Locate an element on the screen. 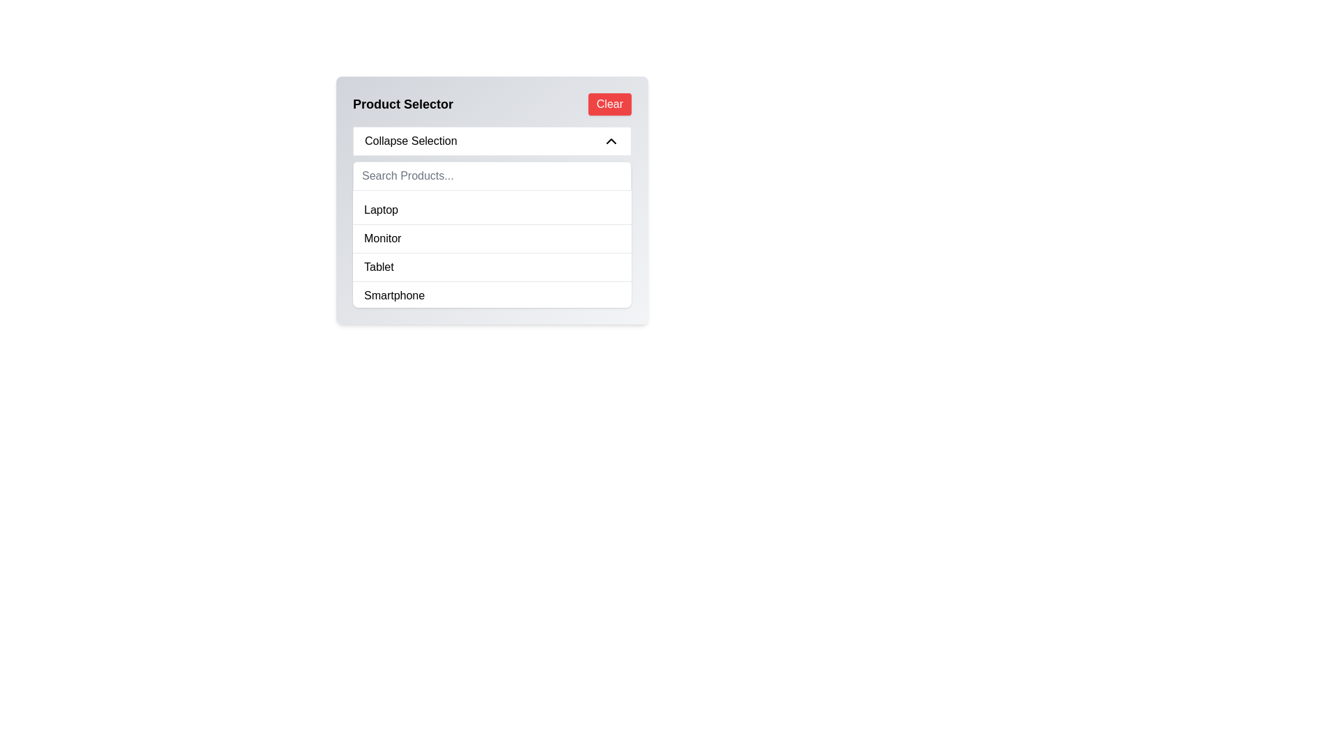 The height and width of the screenshot is (752, 1337). the 'Tablet' text label in the third position of the vertical list within the dropdown menu is located at coordinates (379, 267).